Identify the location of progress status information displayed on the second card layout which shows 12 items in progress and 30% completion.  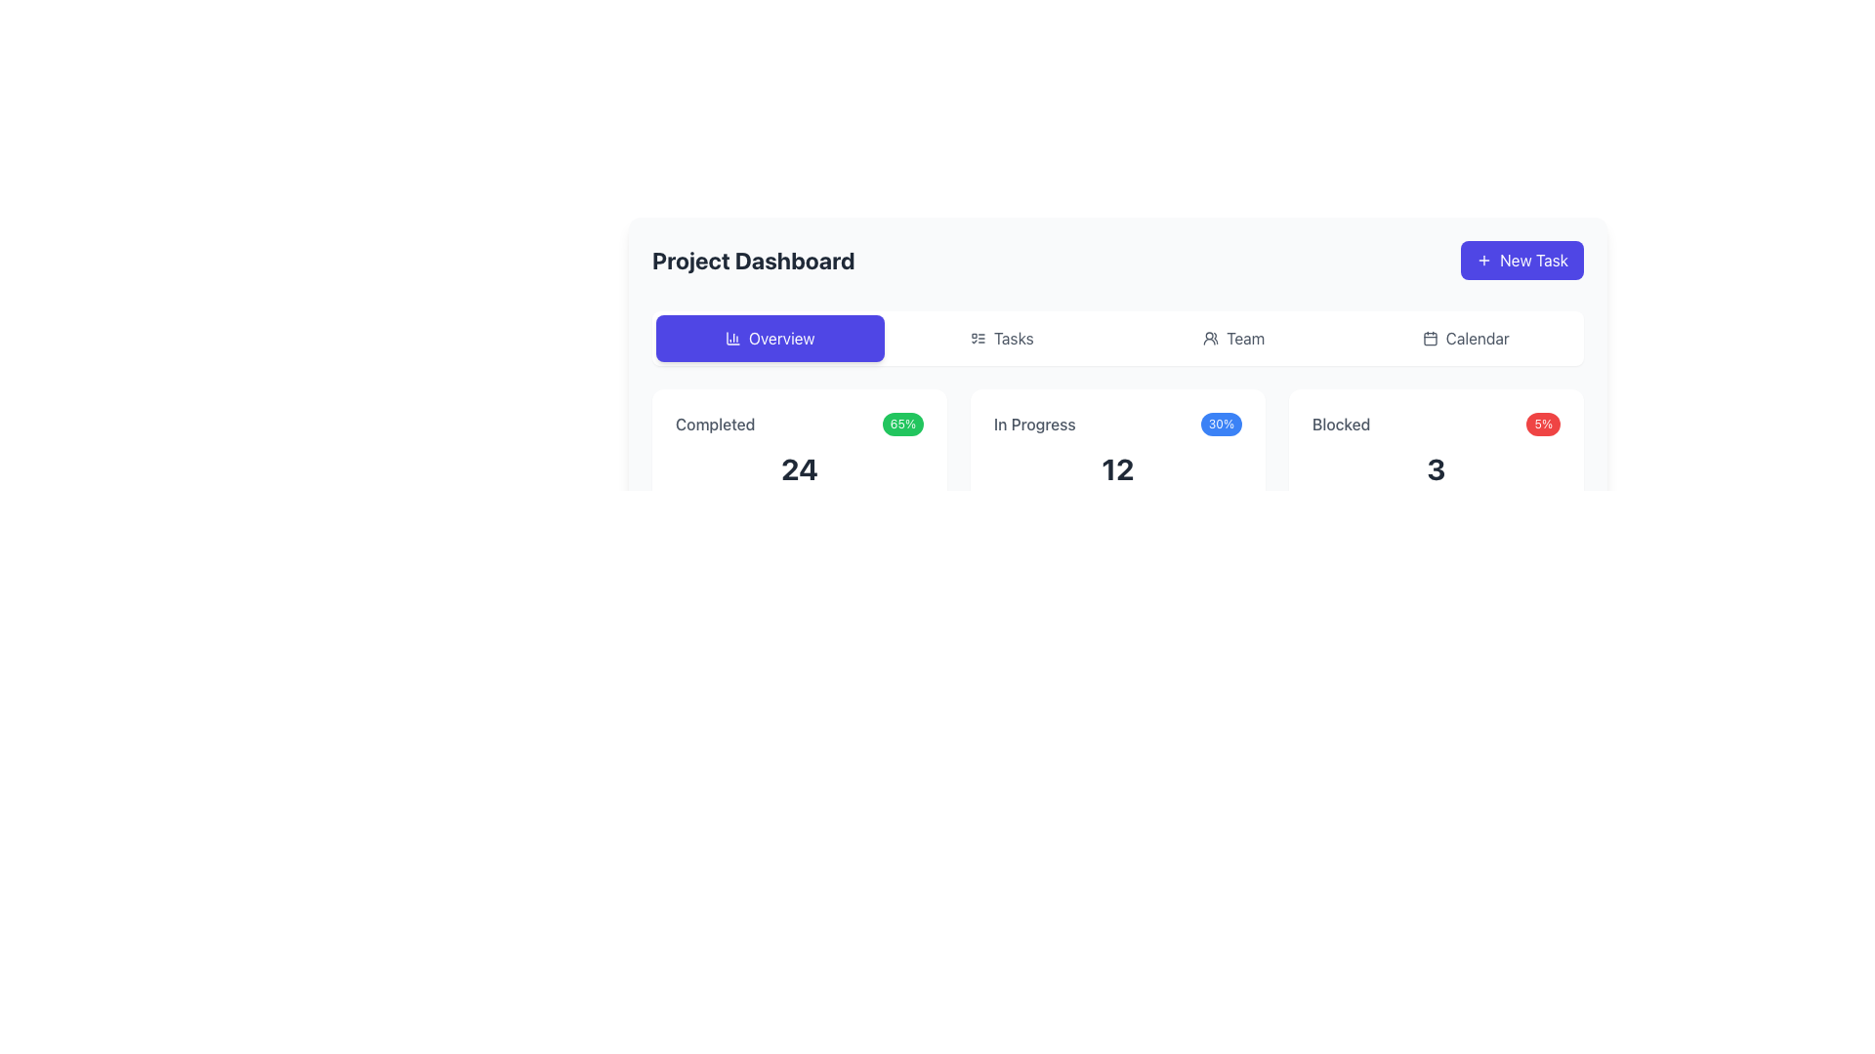
(1118, 462).